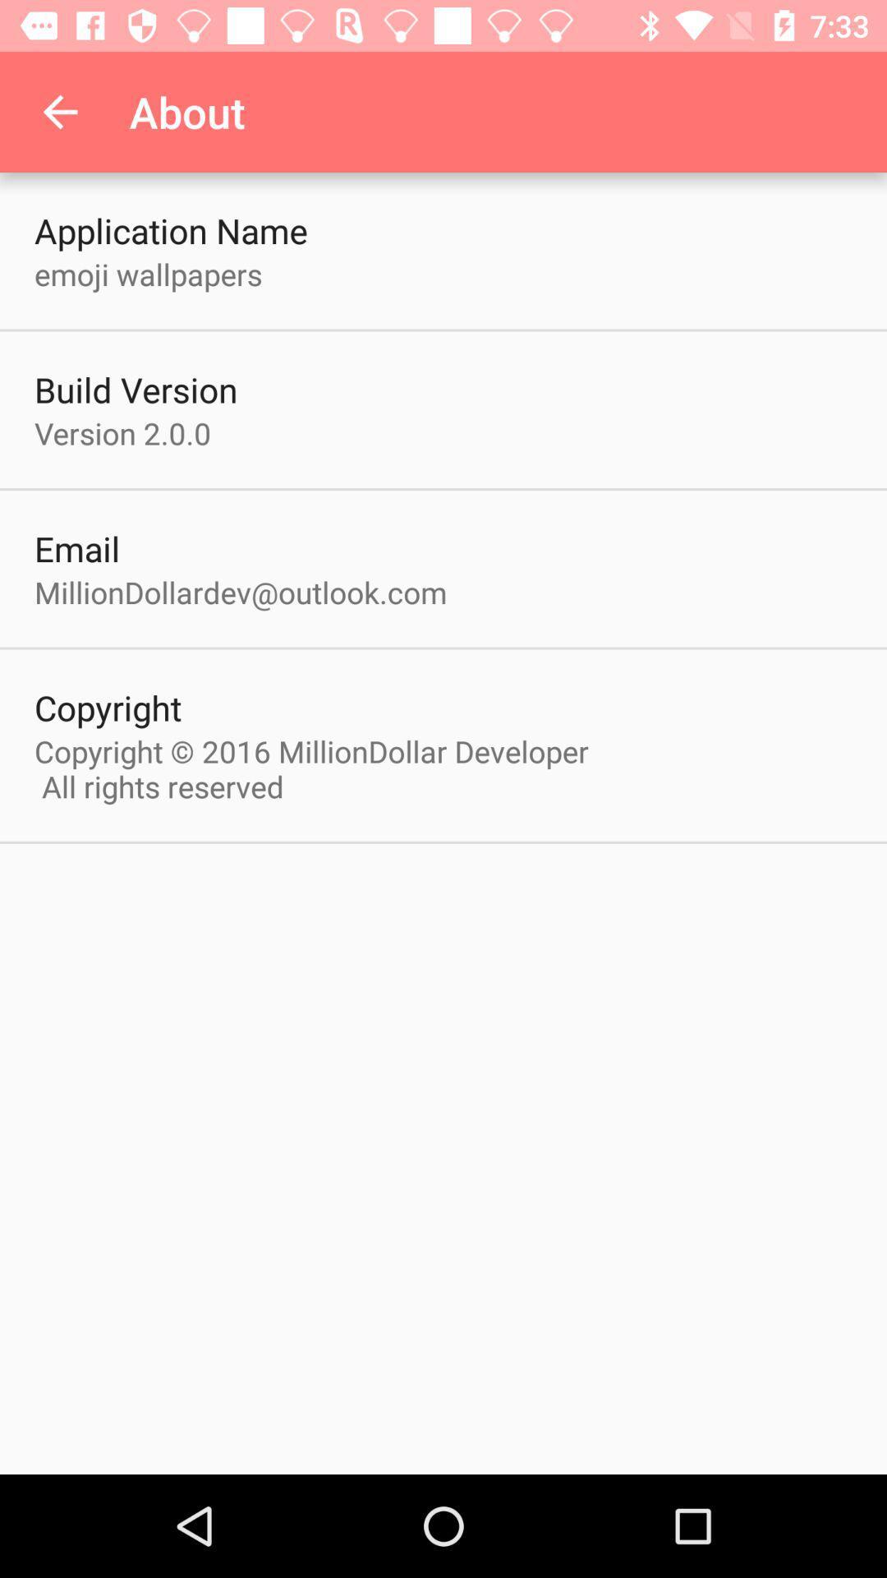  Describe the element at coordinates (171, 229) in the screenshot. I see `the application name icon` at that location.